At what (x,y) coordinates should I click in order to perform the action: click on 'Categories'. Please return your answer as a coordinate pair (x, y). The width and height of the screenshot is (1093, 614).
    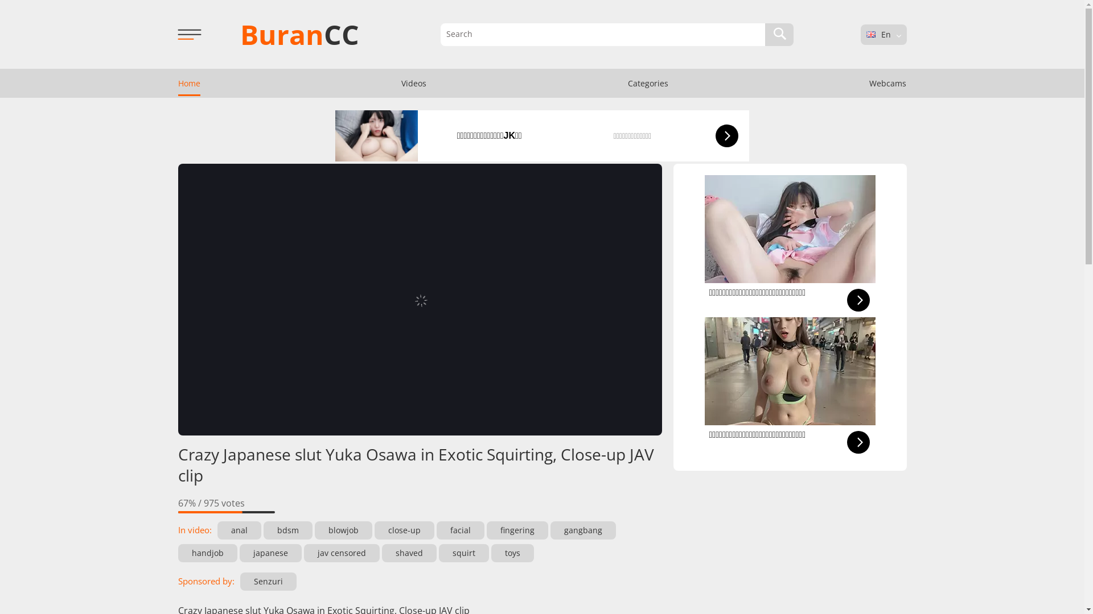
    Looking at the image, I should click on (648, 82).